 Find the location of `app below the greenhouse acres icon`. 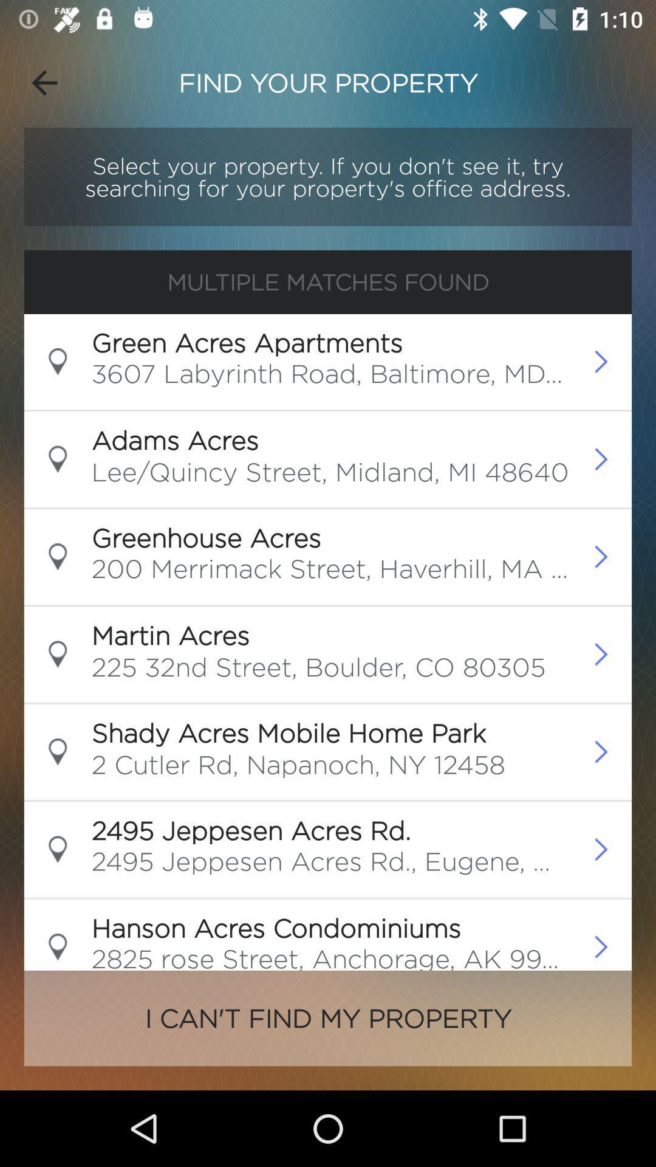

app below the greenhouse acres icon is located at coordinates (331, 572).